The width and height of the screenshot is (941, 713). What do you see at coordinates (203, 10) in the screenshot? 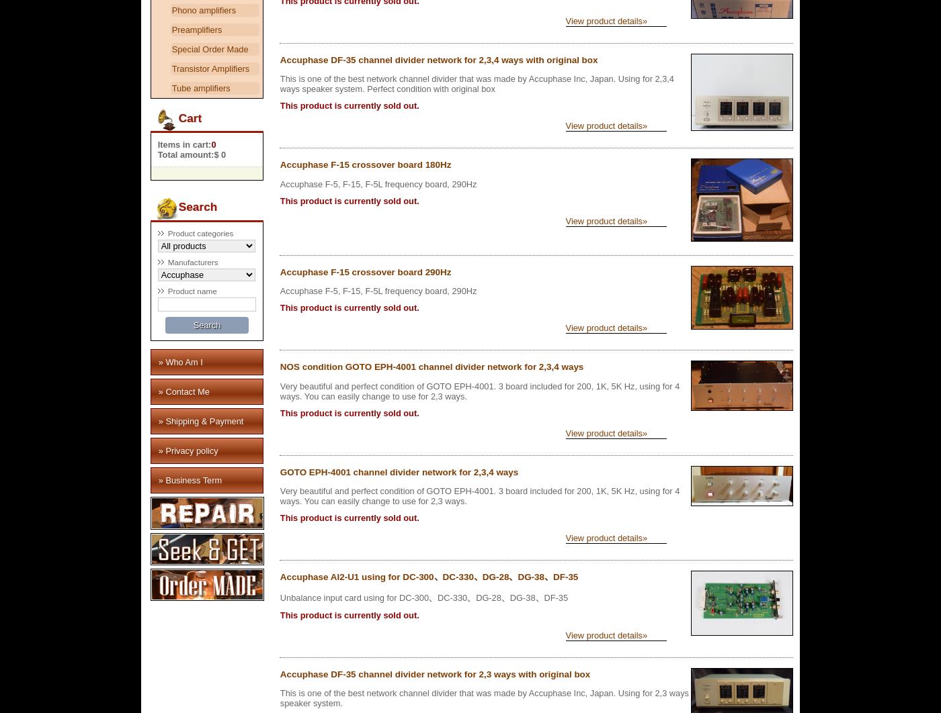
I see `'Phono amplifiers'` at bounding box center [203, 10].